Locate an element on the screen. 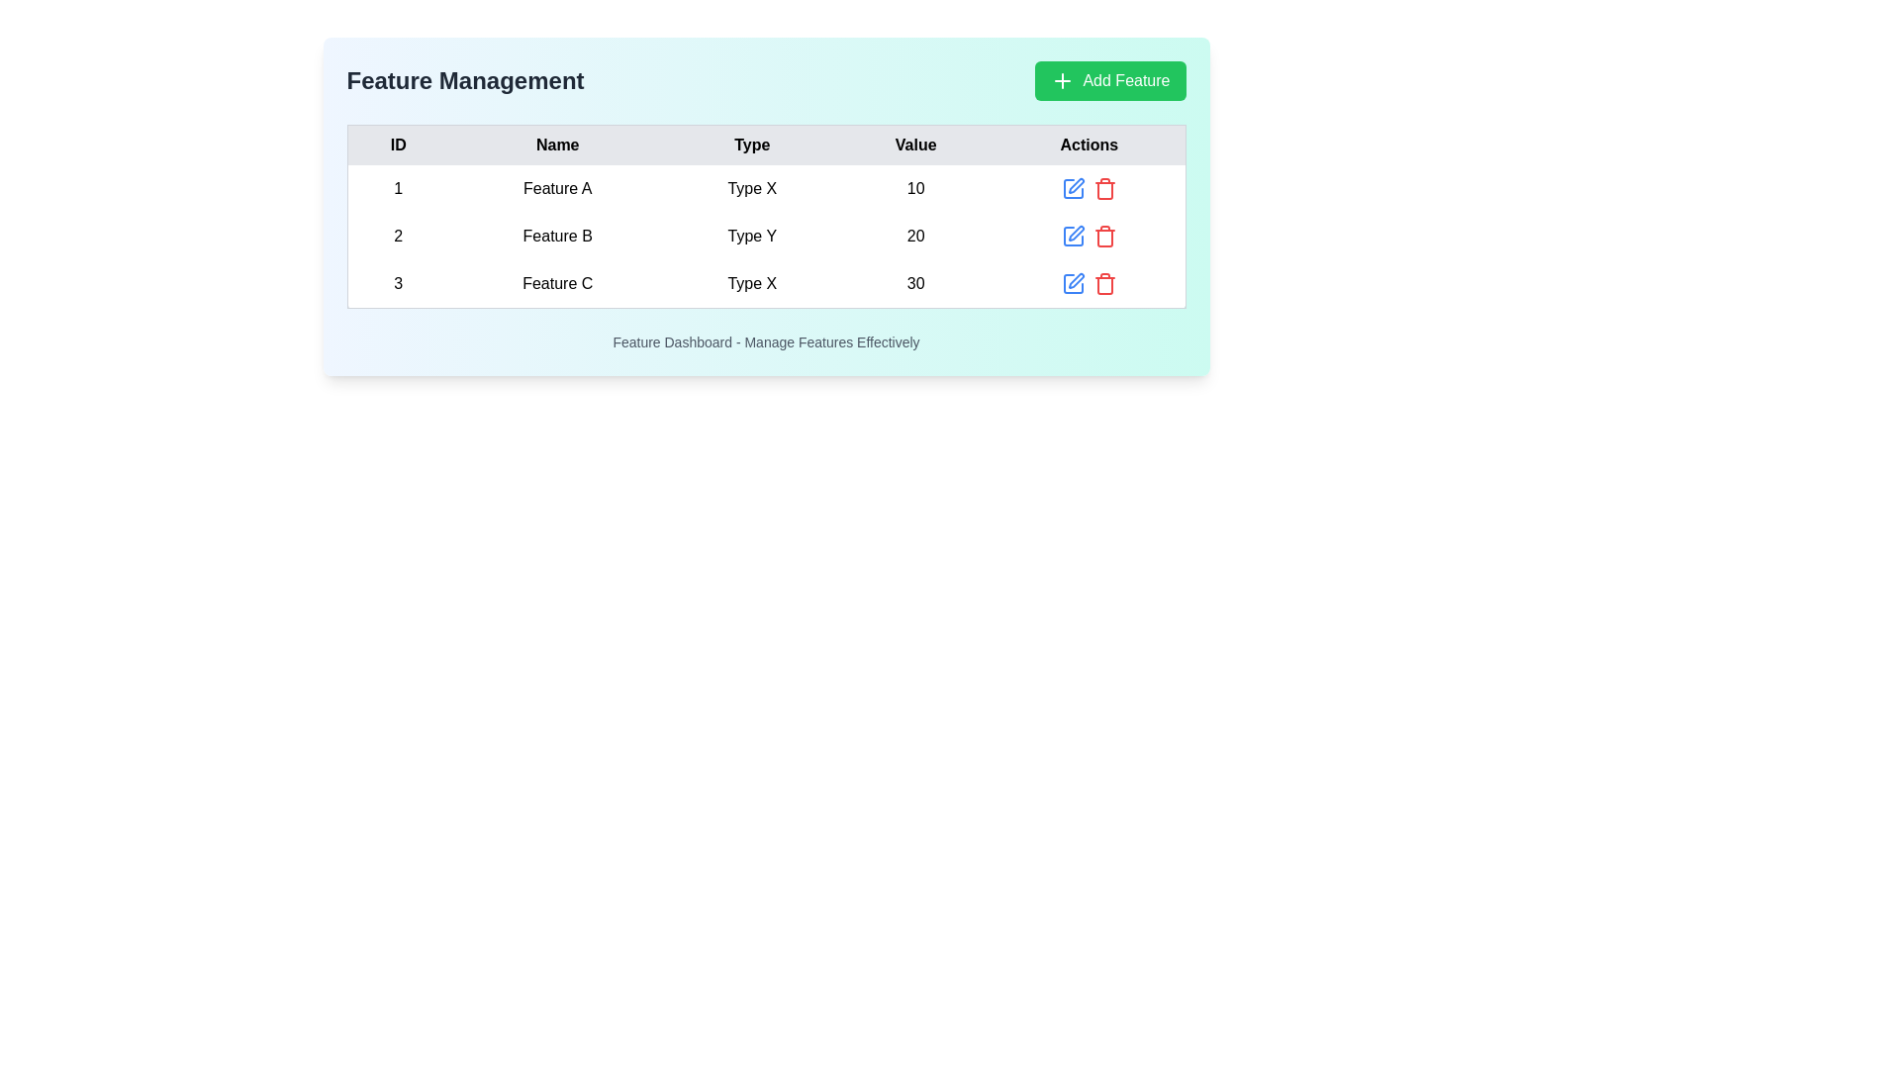 The width and height of the screenshot is (1900, 1069). the static text label reading 'Type X' located in the third column of the first row in the table under the column titled 'Type' is located at coordinates (751, 189).